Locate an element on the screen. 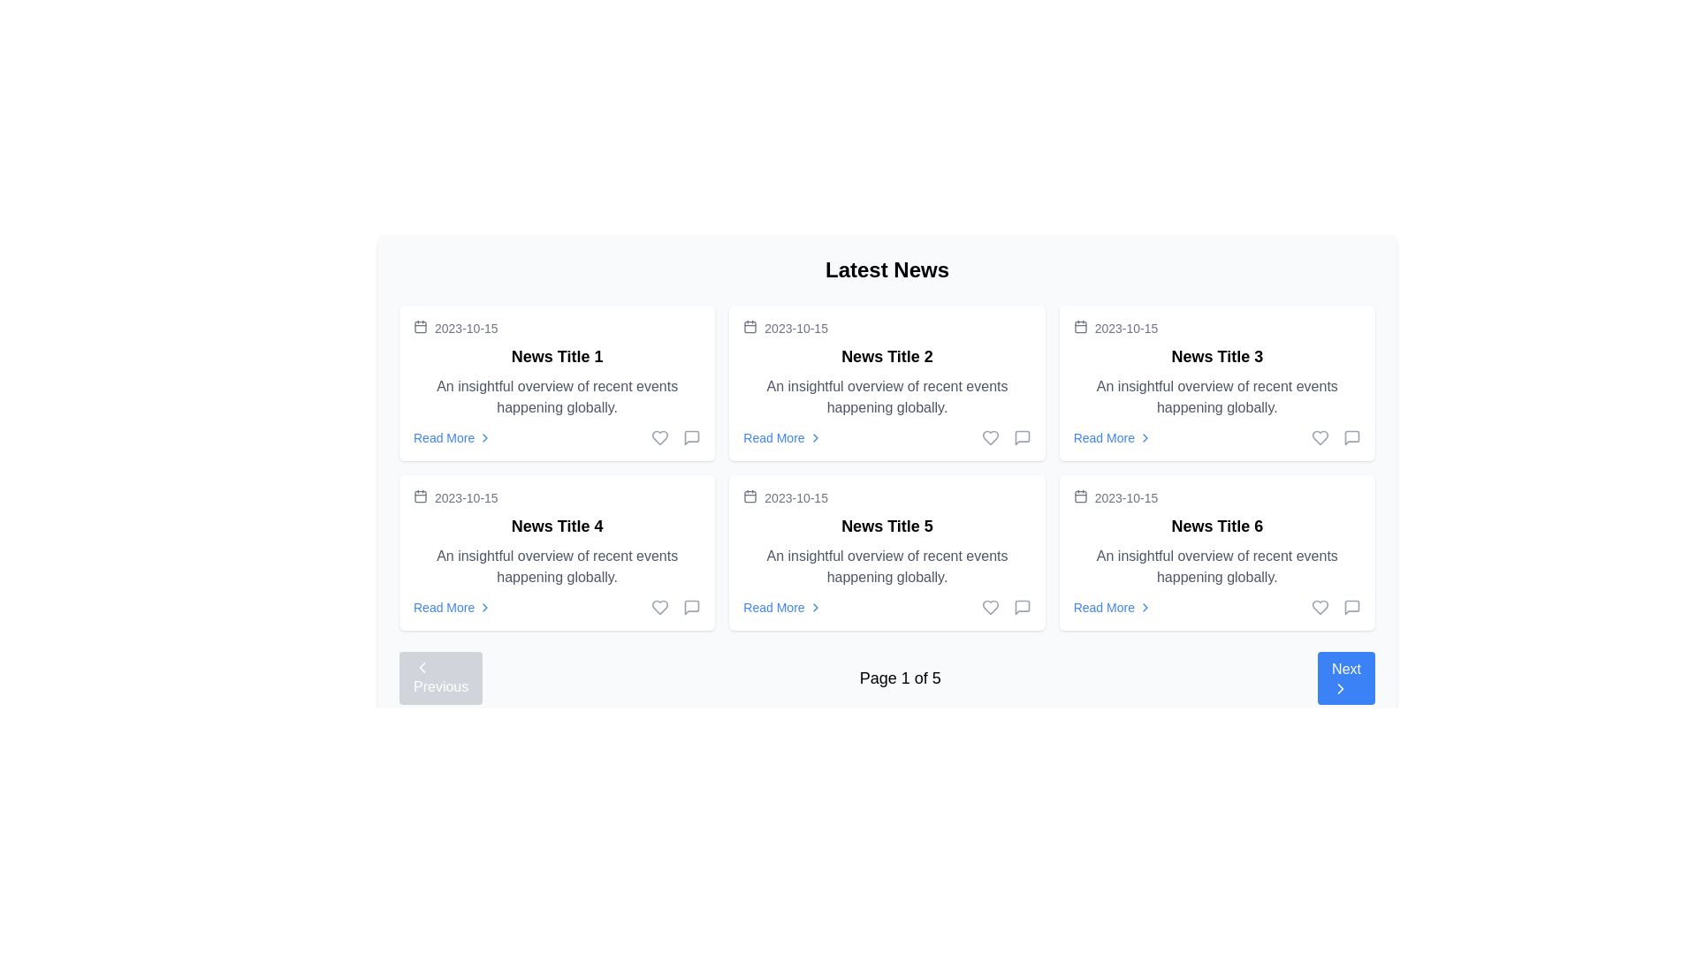 The height and width of the screenshot is (954, 1697). the headline text block located in the top-left of the first news card, which provides an overview of the article content is located at coordinates (556, 357).